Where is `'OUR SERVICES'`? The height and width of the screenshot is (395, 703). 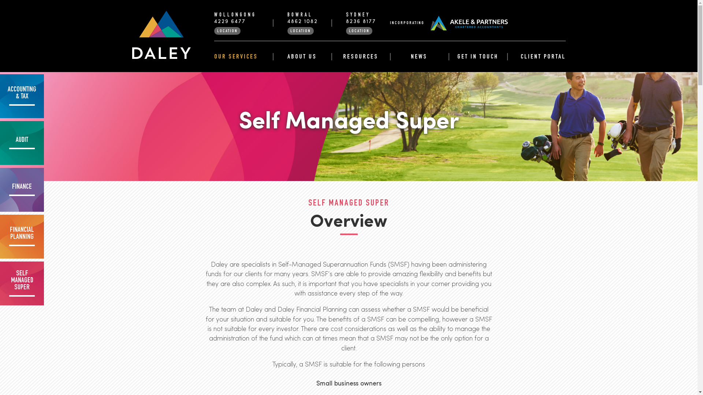 'OUR SERVICES' is located at coordinates (213, 56).